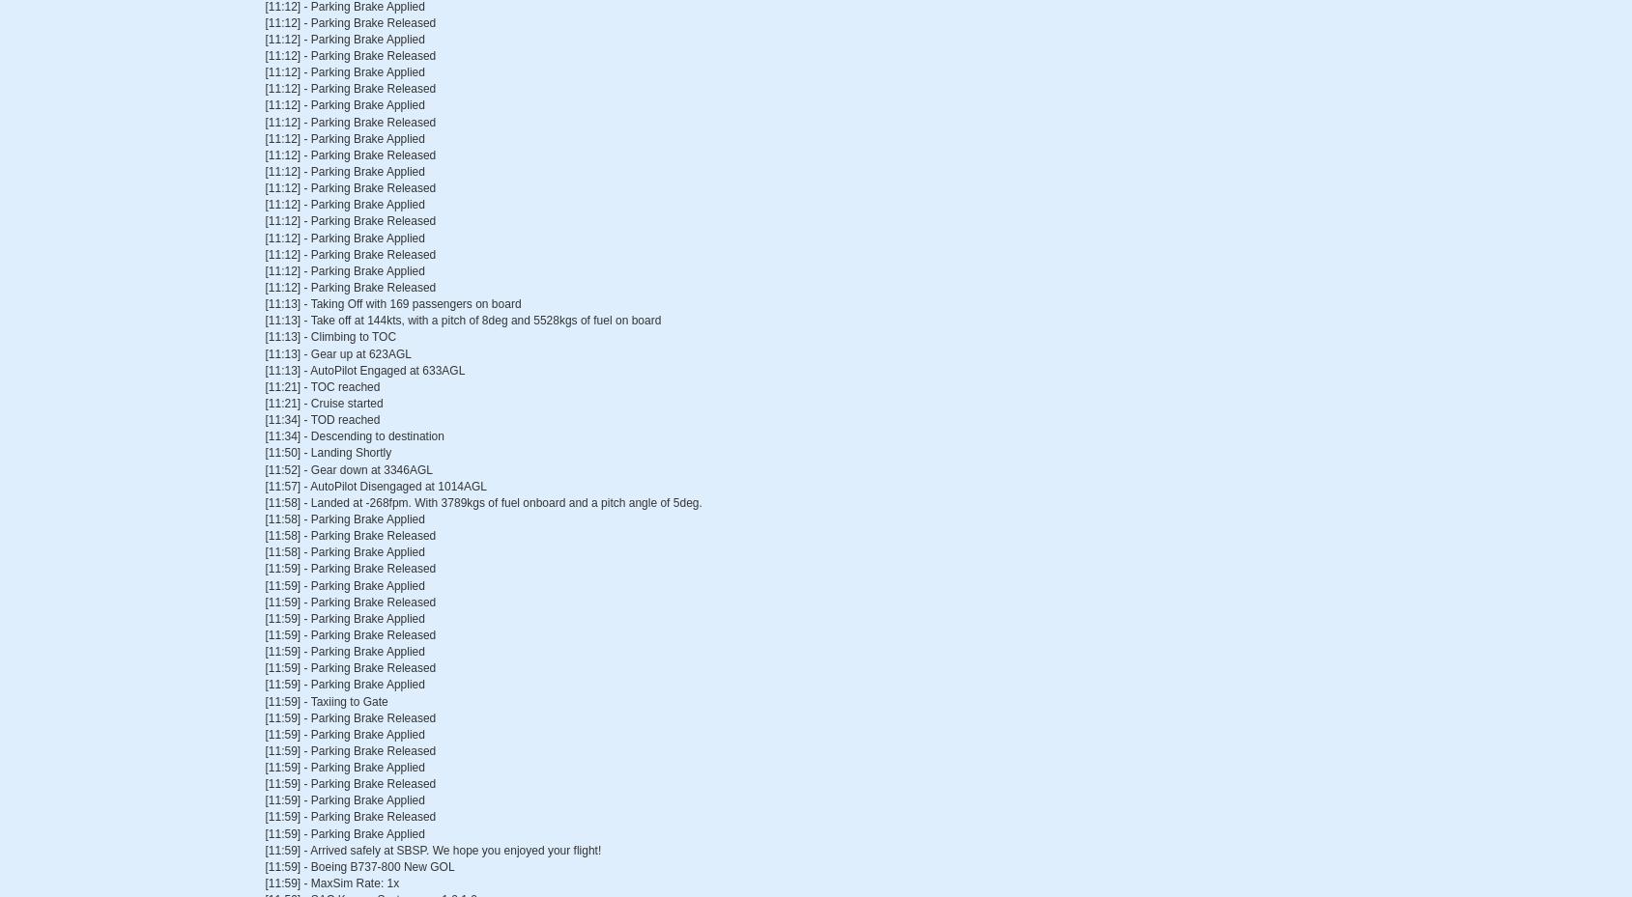  What do you see at coordinates (328, 452) in the screenshot?
I see `'[11:50] - Landing Shortly'` at bounding box center [328, 452].